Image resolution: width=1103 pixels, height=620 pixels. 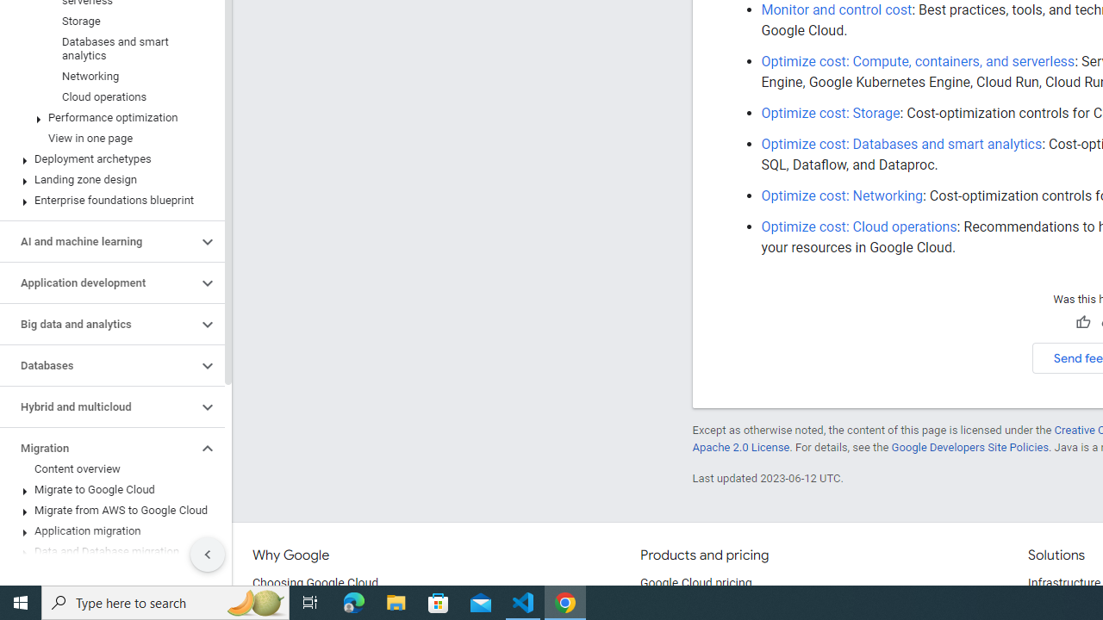 I want to click on 'Migrate to Google Cloud', so click(x=108, y=490).